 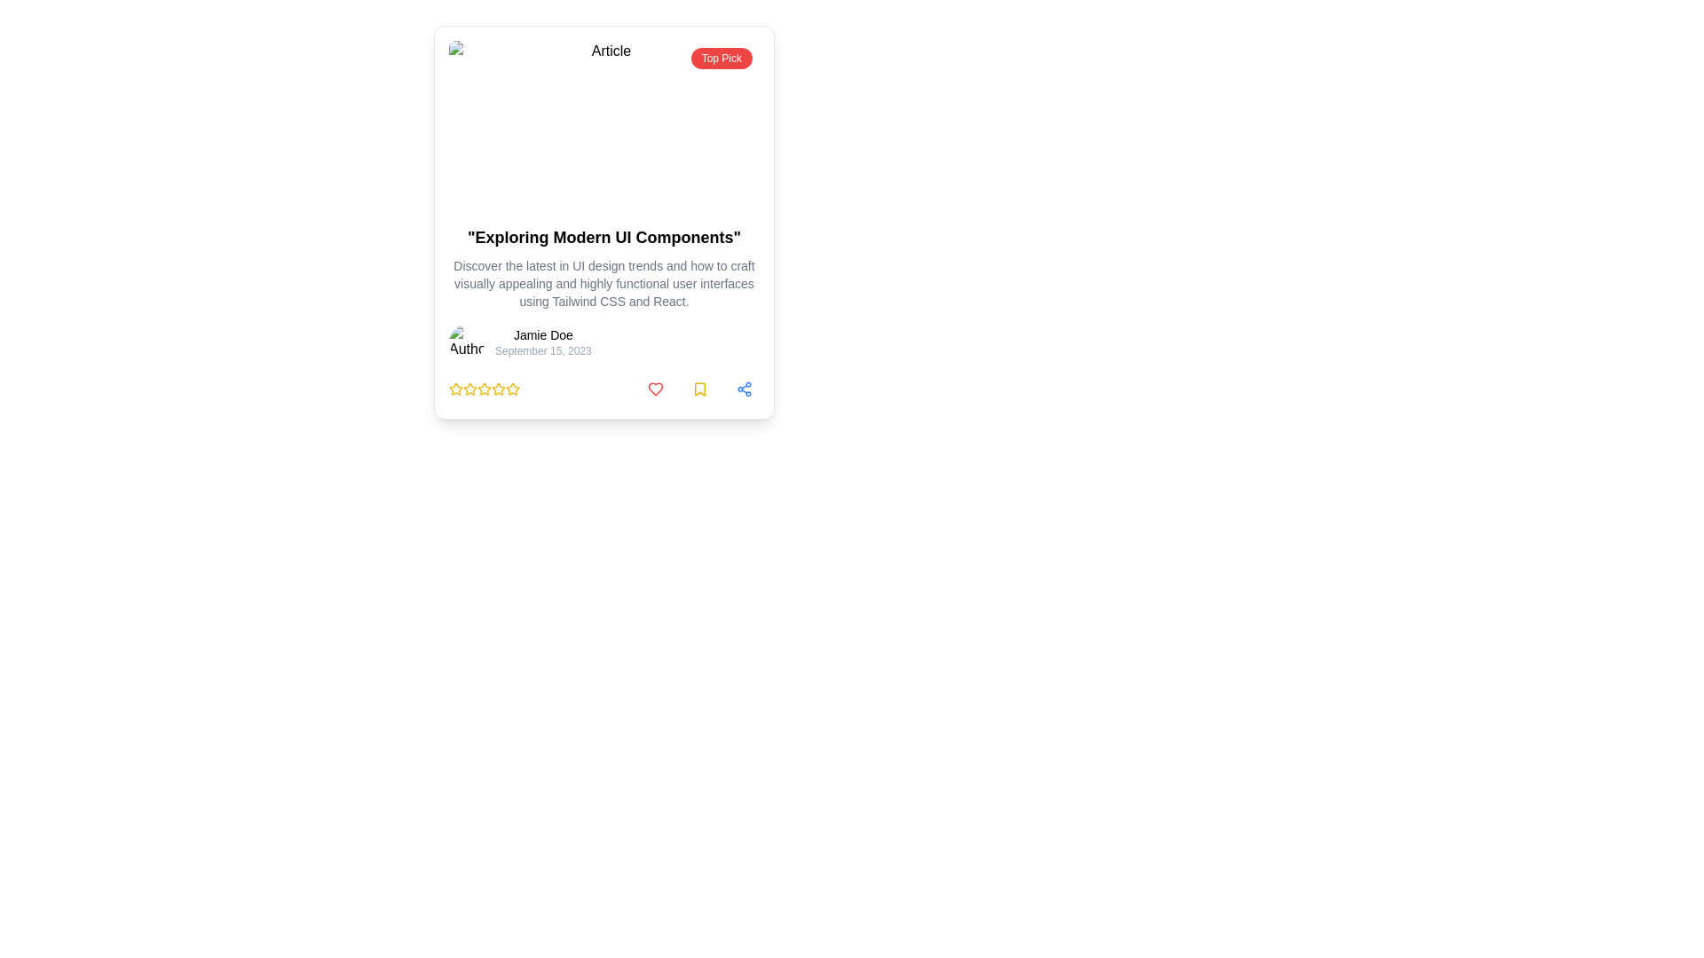 I want to click on the Author Information Section containing the author's name 'Jamie Doe' and the date 'September 15, 2023', so click(x=604, y=342).